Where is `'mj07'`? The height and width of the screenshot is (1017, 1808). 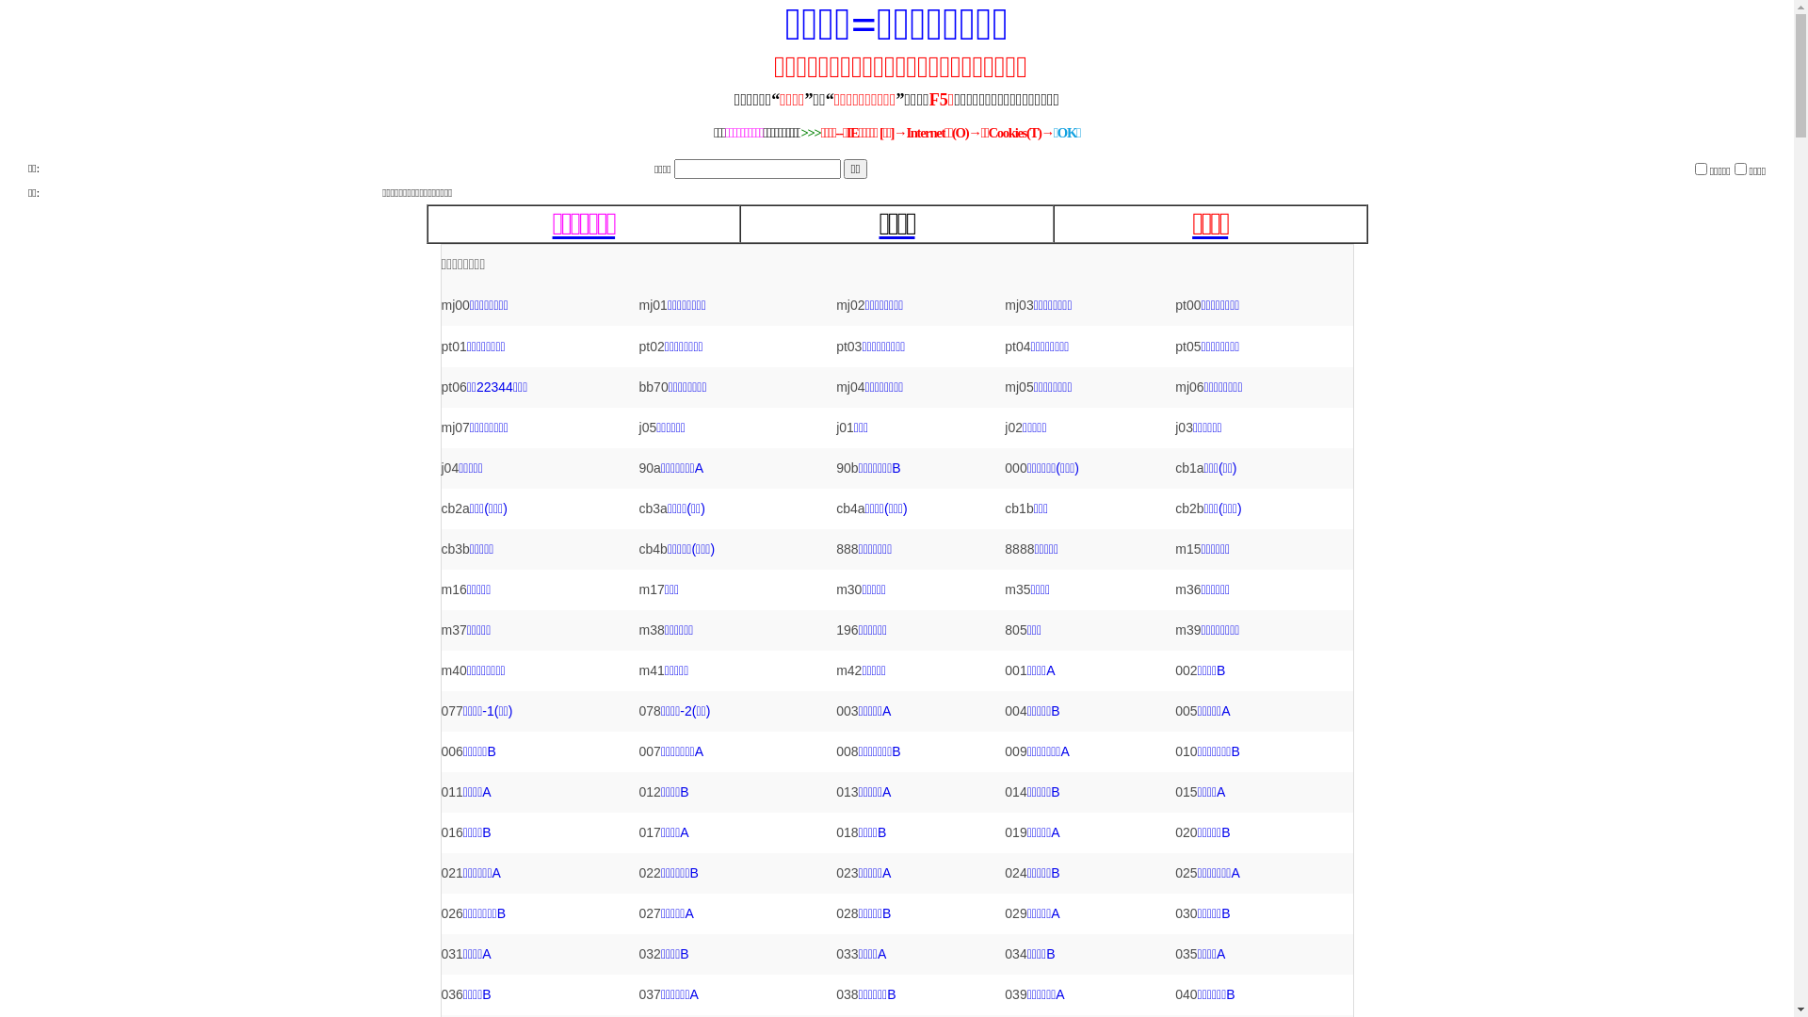 'mj07' is located at coordinates (455, 428).